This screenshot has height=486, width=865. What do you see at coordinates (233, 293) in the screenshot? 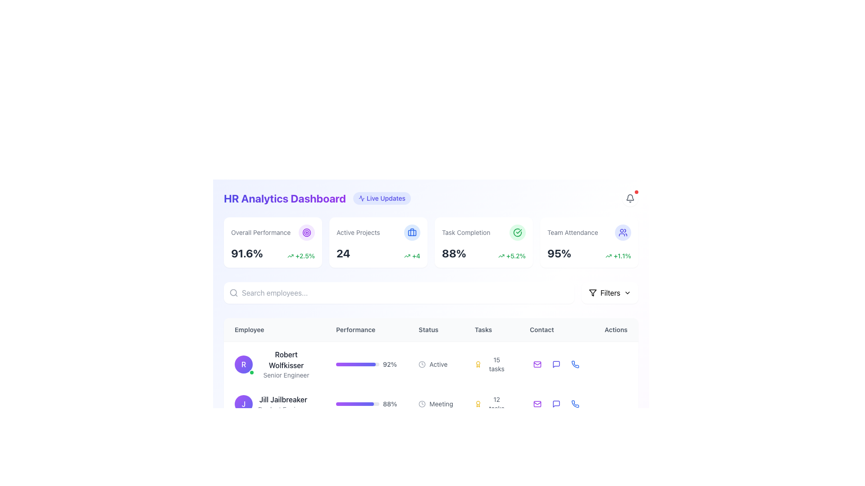
I see `the search icon located at the leftmost area of the search bar, aligned vertically to the center of the placeholder text input field, for visual guidance` at bounding box center [233, 293].